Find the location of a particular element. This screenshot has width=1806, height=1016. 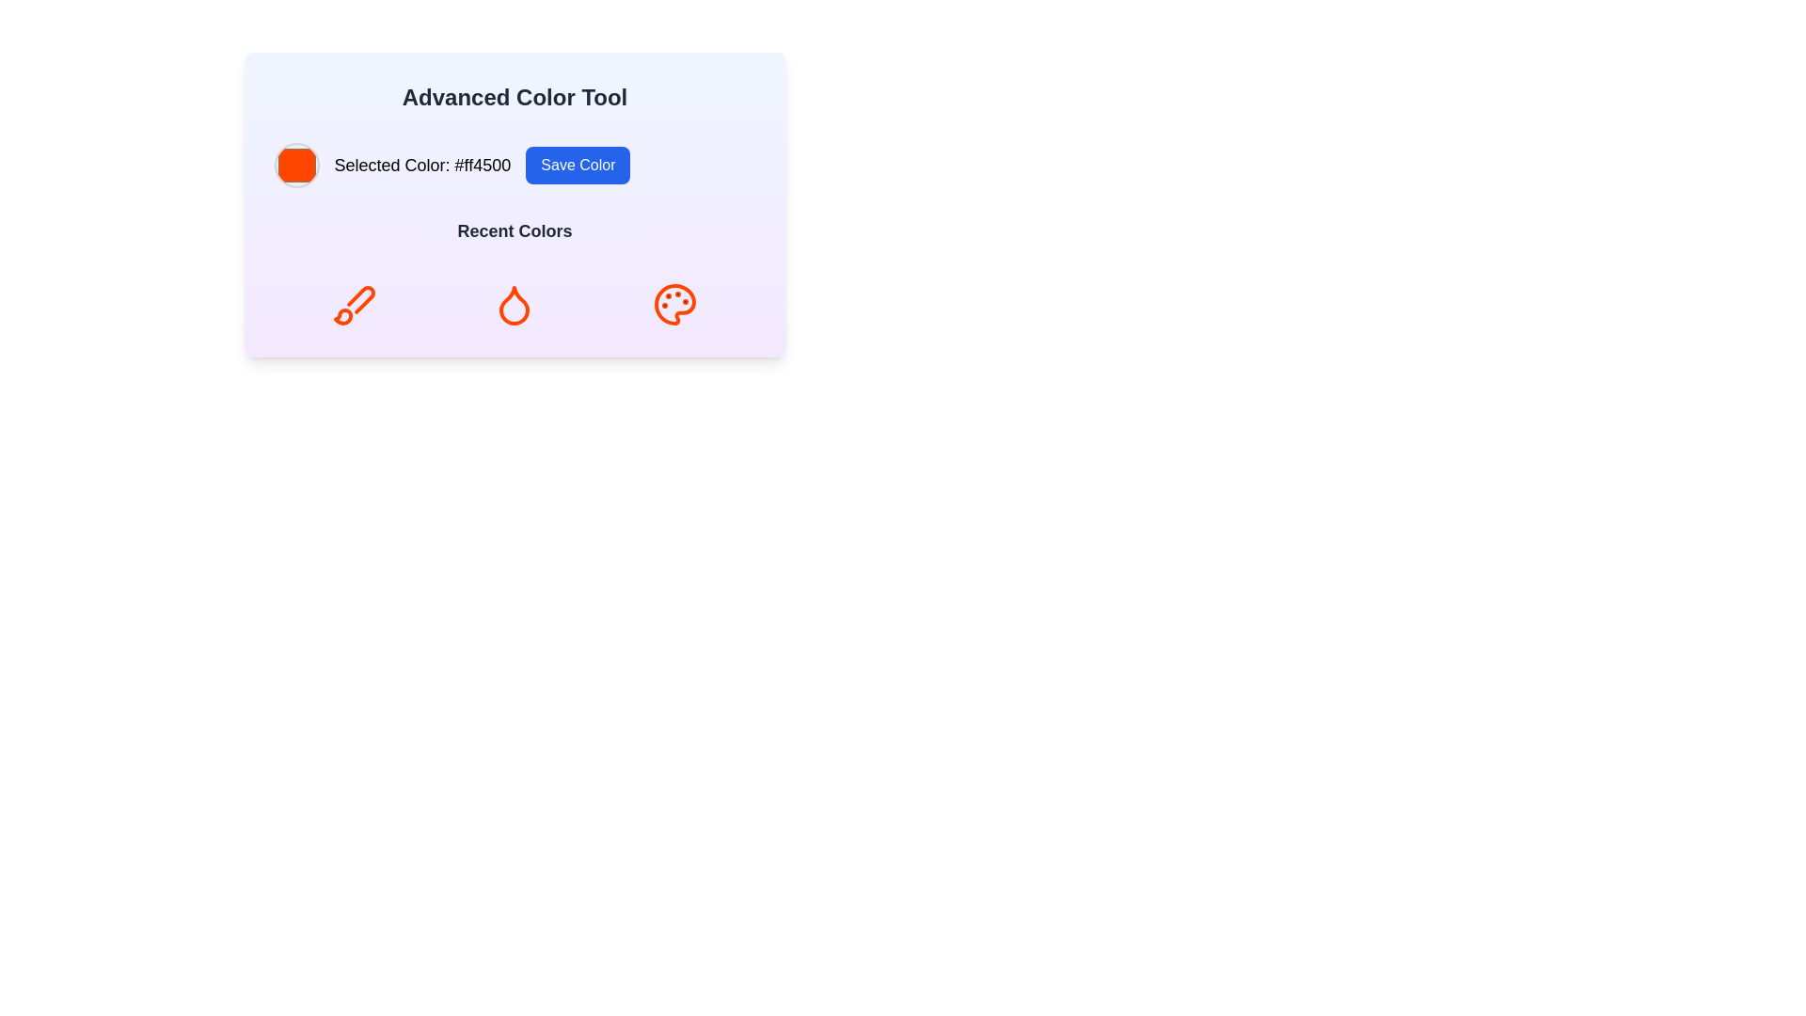

the middle droplet icon with orange strokes located at the bottom center of the 'Advanced Color Tool' card interface is located at coordinates (515, 304).